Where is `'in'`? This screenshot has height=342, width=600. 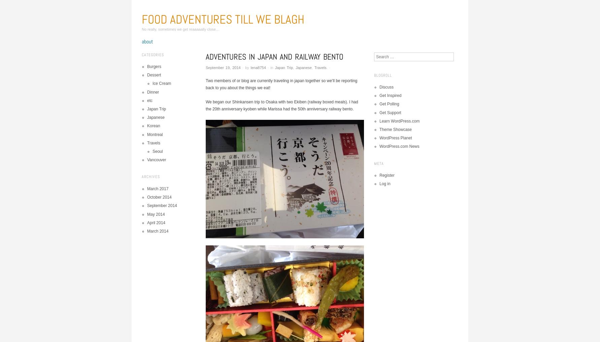 'in' is located at coordinates (271, 67).